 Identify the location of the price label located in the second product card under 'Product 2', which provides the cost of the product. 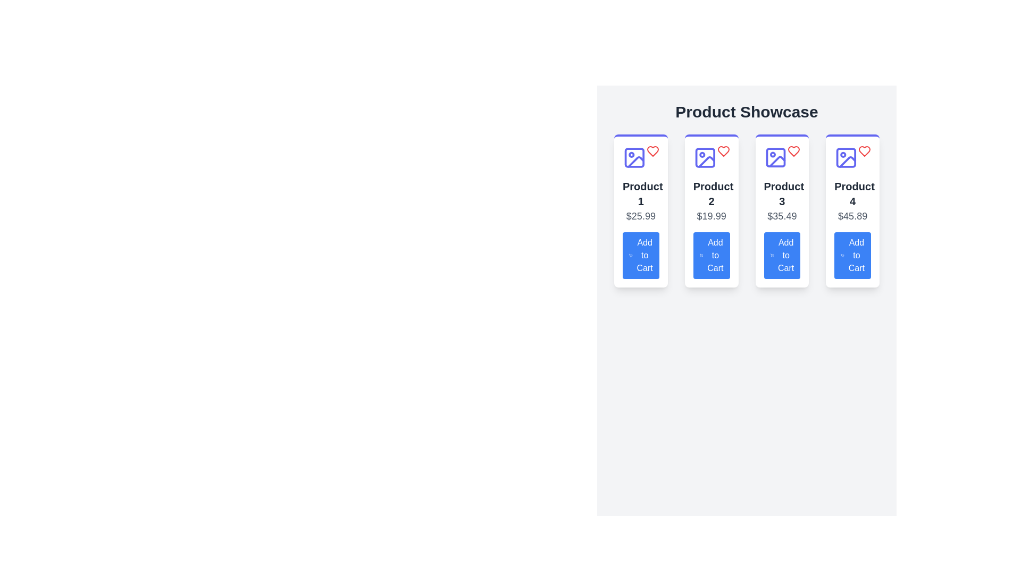
(712, 216).